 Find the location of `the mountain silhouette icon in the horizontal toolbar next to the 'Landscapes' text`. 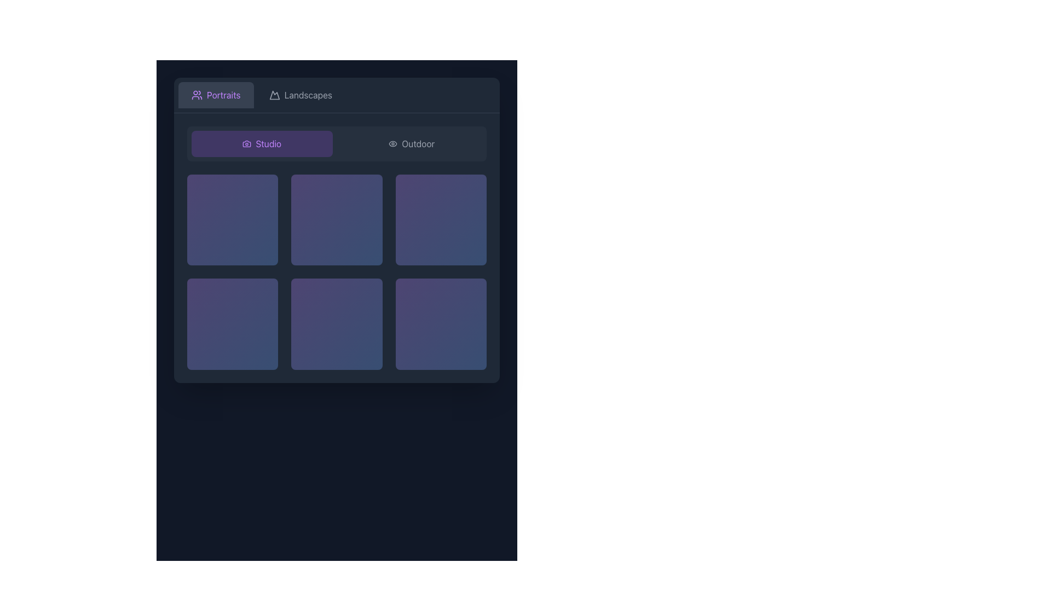

the mountain silhouette icon in the horizontal toolbar next to the 'Landscapes' text is located at coordinates (274, 94).